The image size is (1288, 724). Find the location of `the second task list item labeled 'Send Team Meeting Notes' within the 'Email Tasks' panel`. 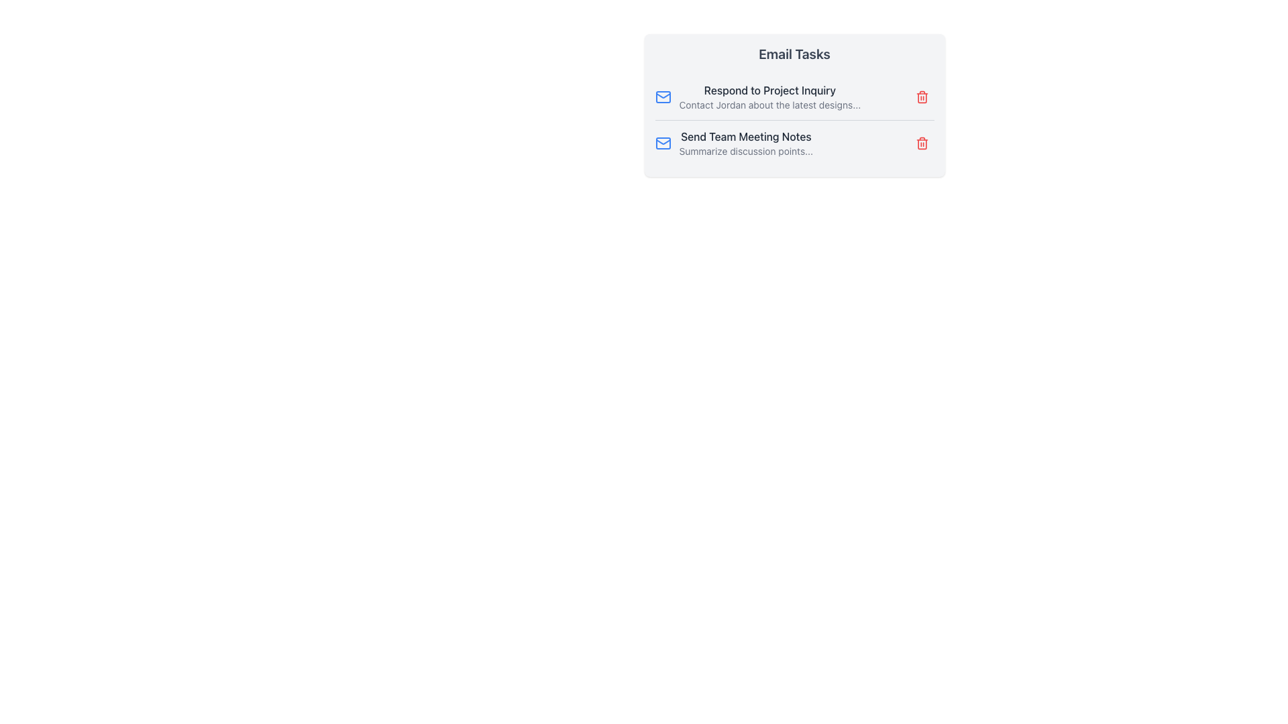

the second task list item labeled 'Send Team Meeting Notes' within the 'Email Tasks' panel is located at coordinates (733, 143).